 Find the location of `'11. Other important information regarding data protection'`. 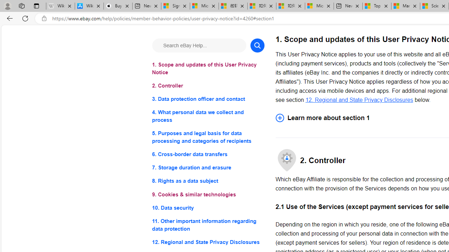

'11. Other important information regarding data protection' is located at coordinates (208, 225).